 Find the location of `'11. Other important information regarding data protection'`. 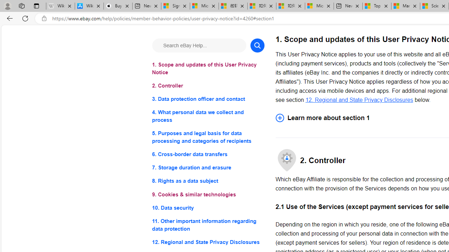

'11. Other important information regarding data protection' is located at coordinates (208, 225).